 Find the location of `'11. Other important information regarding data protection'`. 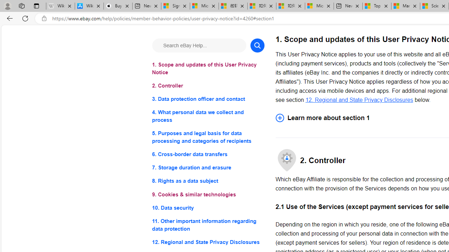

'11. Other important information regarding data protection' is located at coordinates (208, 225).